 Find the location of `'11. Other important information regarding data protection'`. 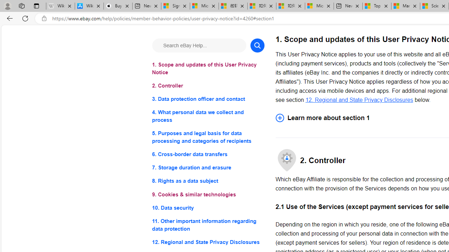

'11. Other important information regarding data protection' is located at coordinates (208, 225).